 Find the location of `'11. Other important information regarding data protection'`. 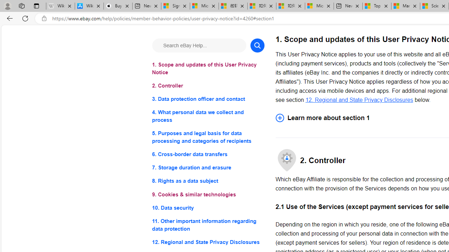

'11. Other important information regarding data protection' is located at coordinates (208, 225).